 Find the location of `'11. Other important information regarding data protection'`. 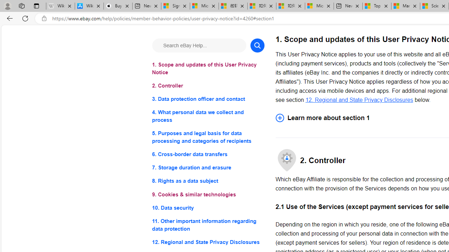

'11. Other important information regarding data protection' is located at coordinates (208, 225).